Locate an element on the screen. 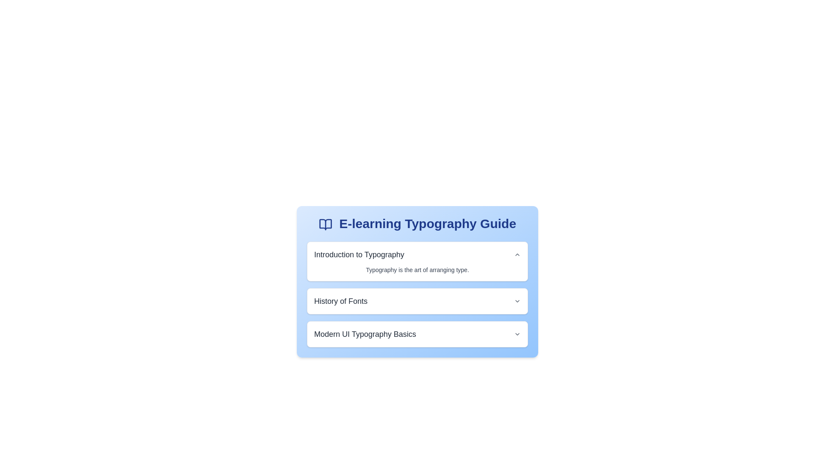  the open book icon located to the left of the heading 'E-learning Typography Guide' is located at coordinates (325, 224).